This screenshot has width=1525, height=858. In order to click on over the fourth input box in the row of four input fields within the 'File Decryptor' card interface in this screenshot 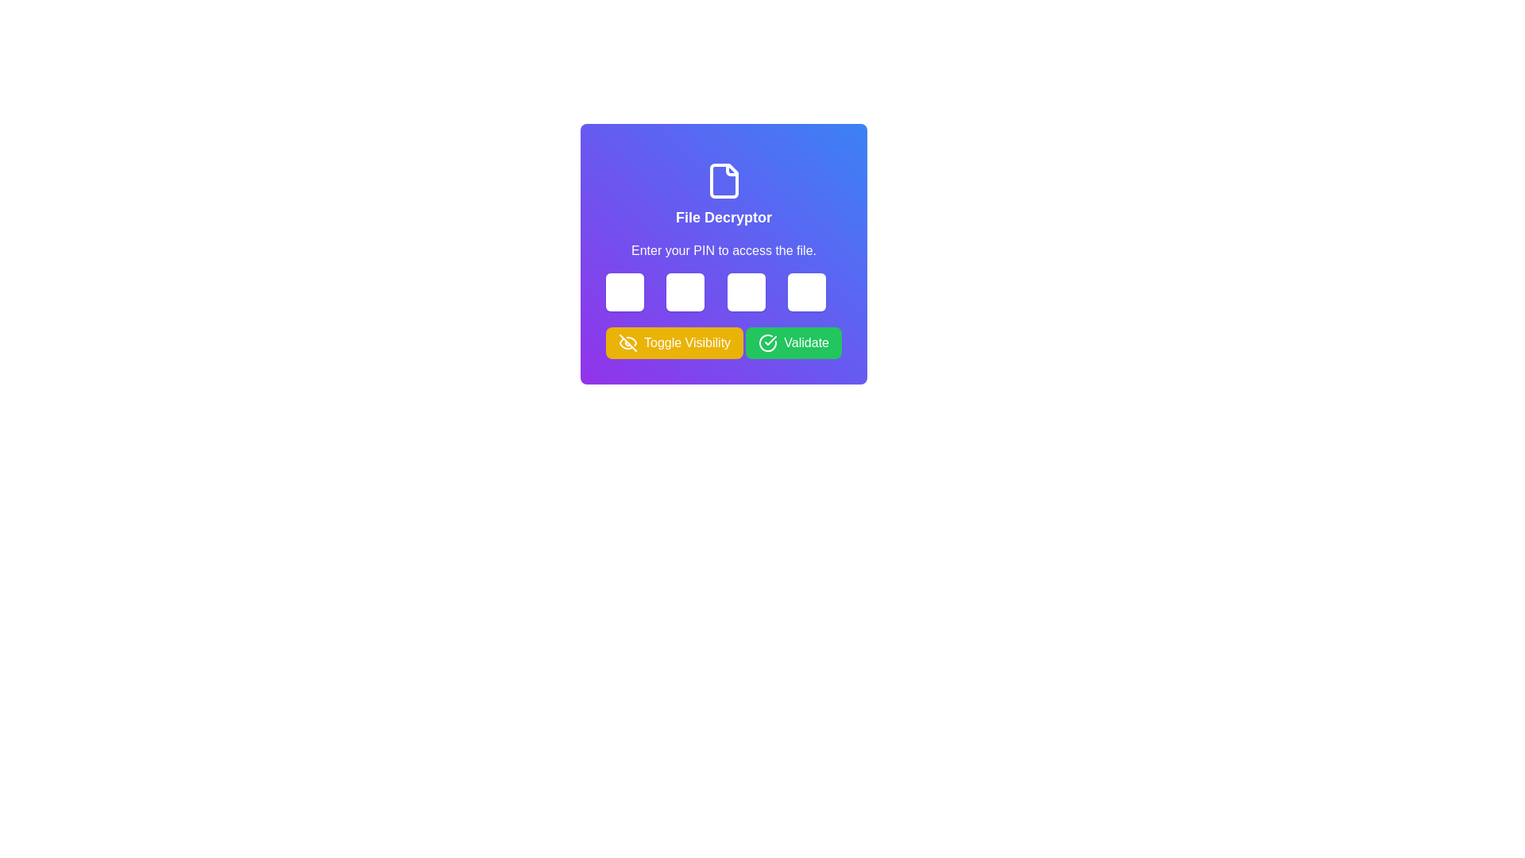, I will do `click(806, 292)`.